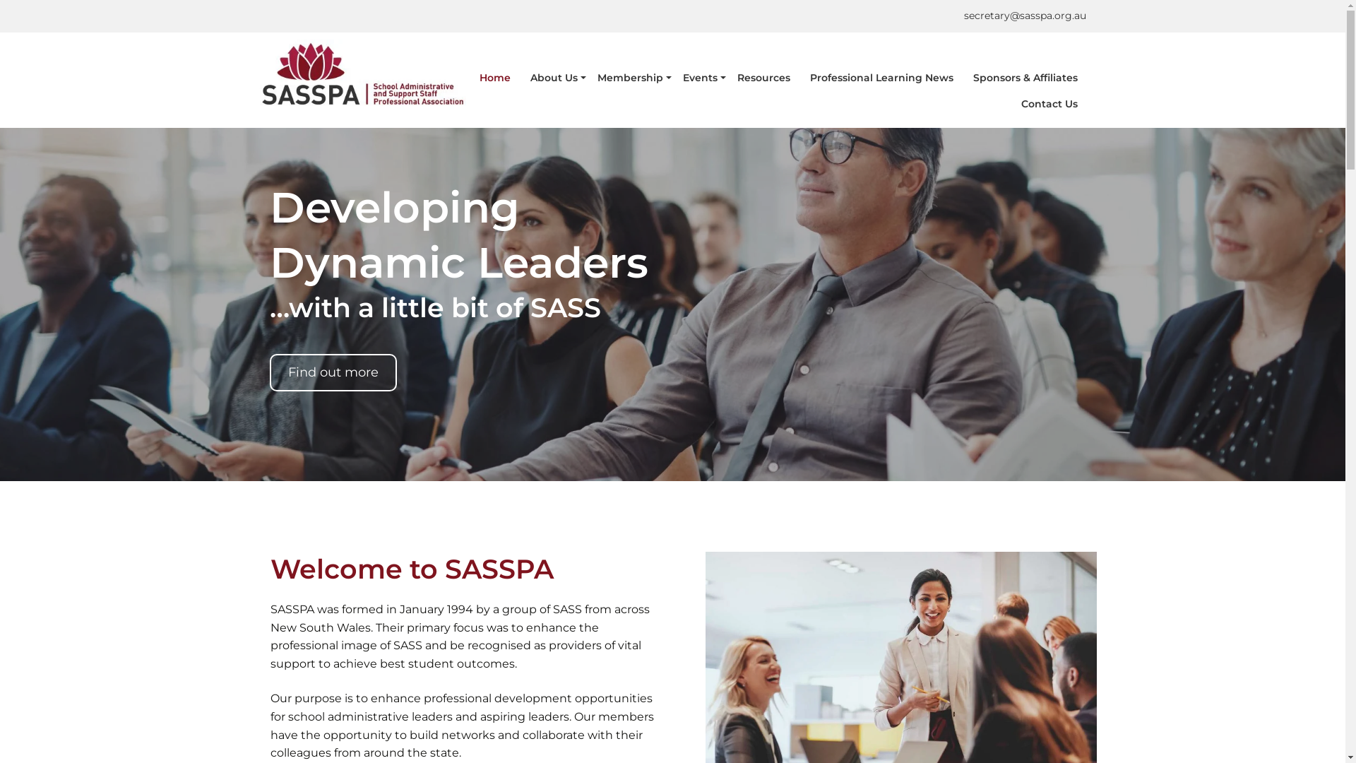  I want to click on 'Membership', so click(589, 78).